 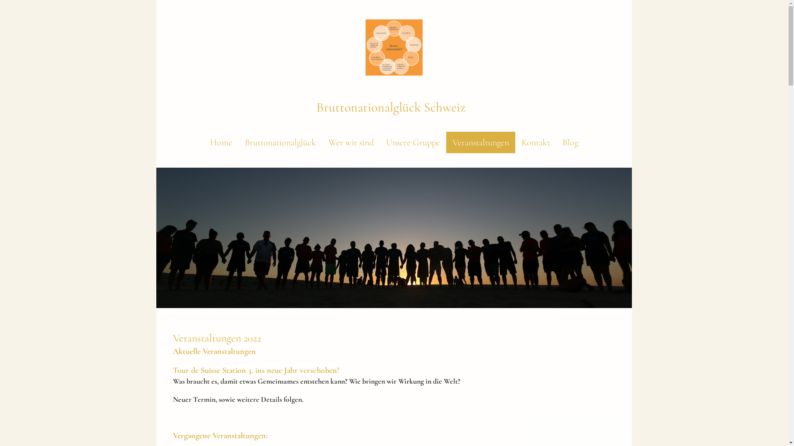 What do you see at coordinates (480, 142) in the screenshot?
I see `'Veranstaltungen'` at bounding box center [480, 142].